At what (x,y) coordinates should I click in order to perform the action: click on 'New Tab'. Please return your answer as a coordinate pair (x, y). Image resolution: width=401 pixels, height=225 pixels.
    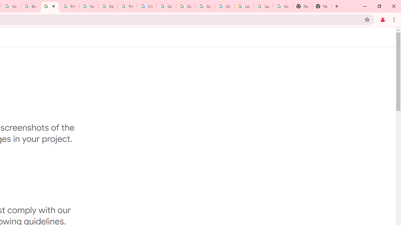
    Looking at the image, I should click on (322, 6).